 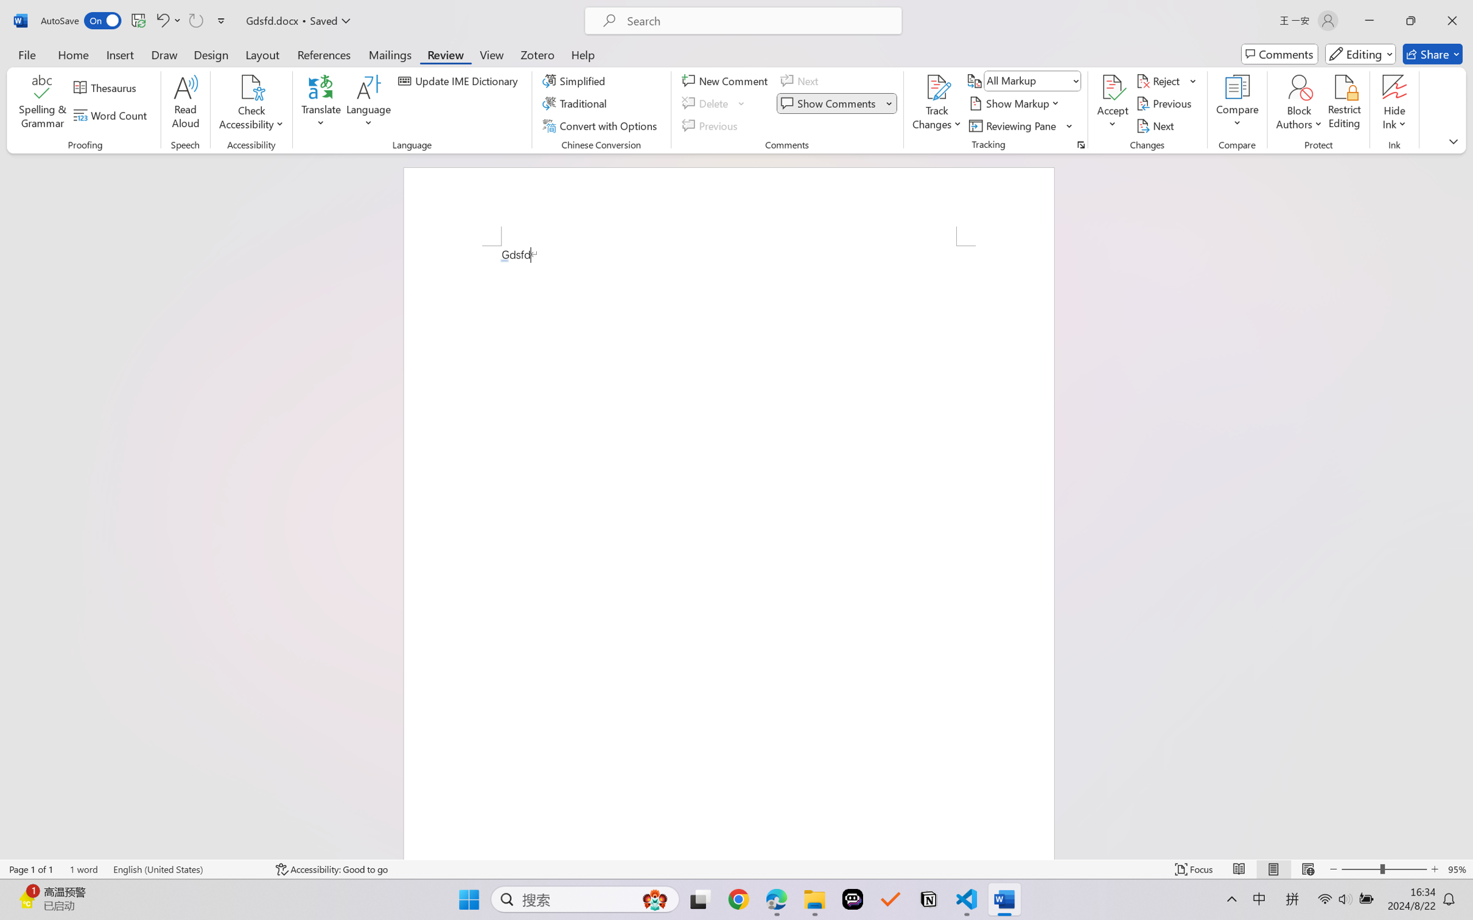 I want to click on 'Show Markup', so click(x=1015, y=103).